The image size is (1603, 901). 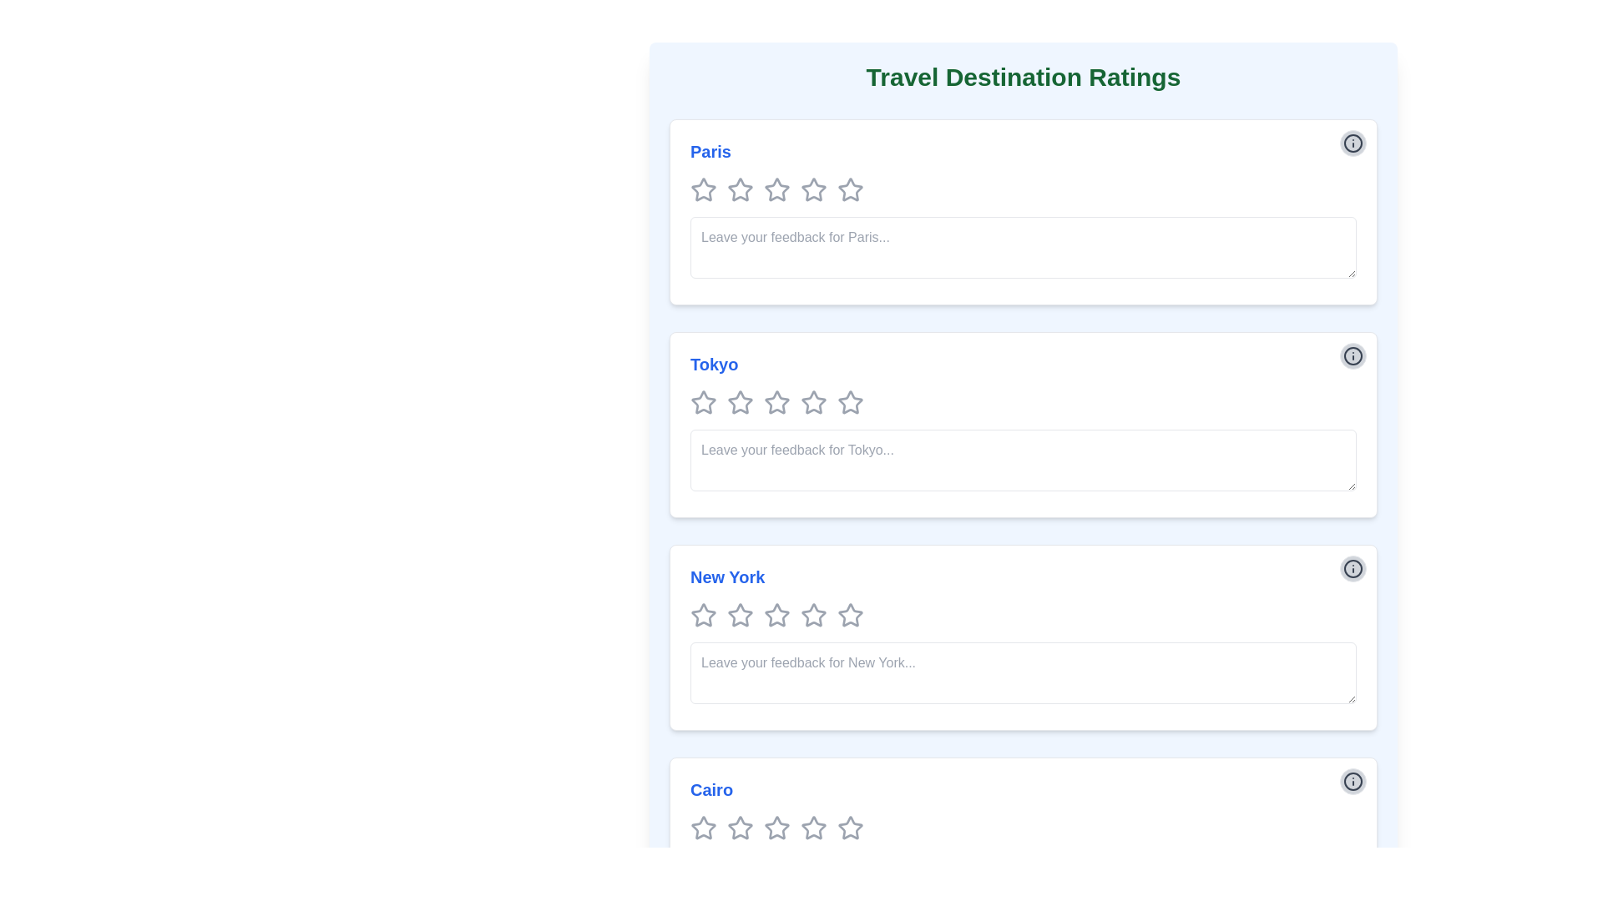 What do you see at coordinates (849, 827) in the screenshot?
I see `the fourth star-shaped icon with a gray outline in the Travel Destination Ratings section` at bounding box center [849, 827].